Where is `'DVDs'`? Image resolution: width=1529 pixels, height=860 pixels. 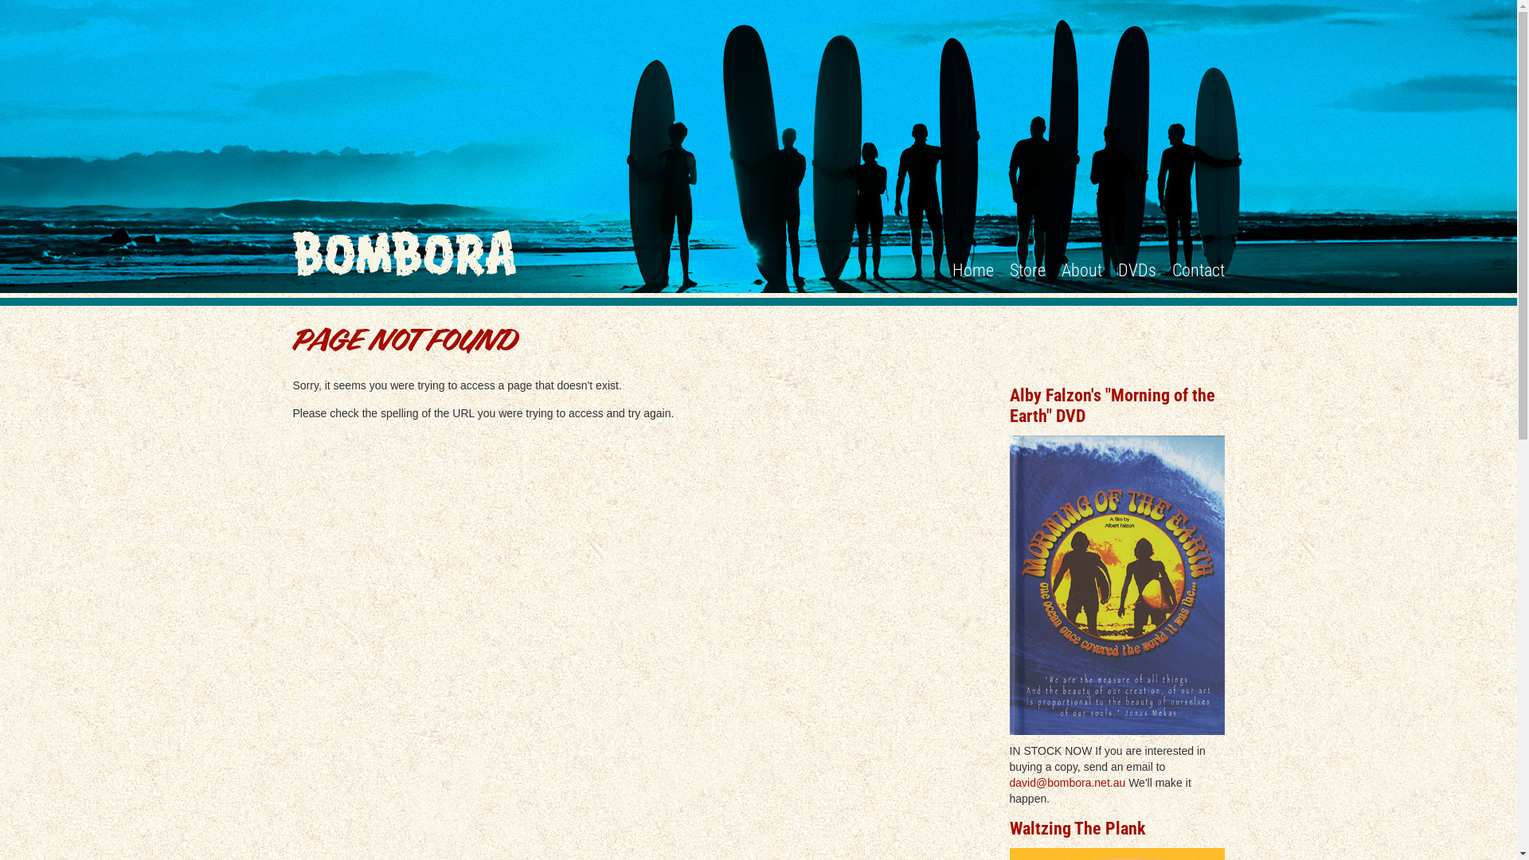
'DVDs' is located at coordinates (1136, 269).